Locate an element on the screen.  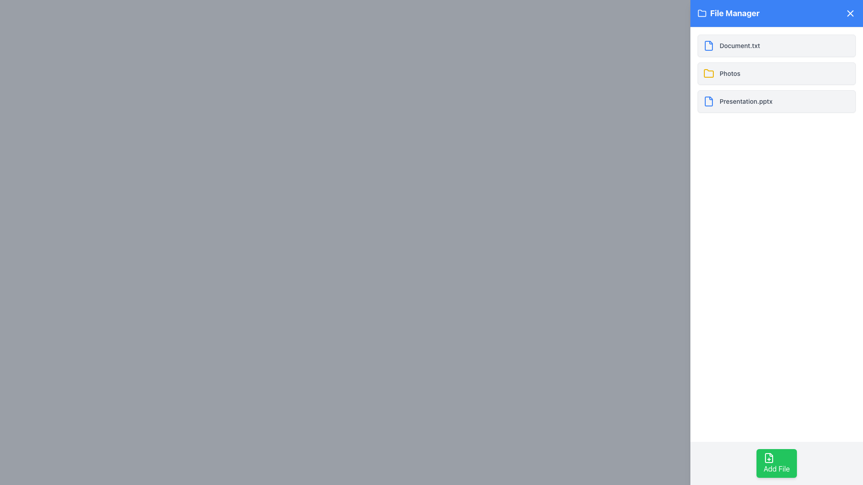
the text label 'Document.txt' is located at coordinates (740, 45).